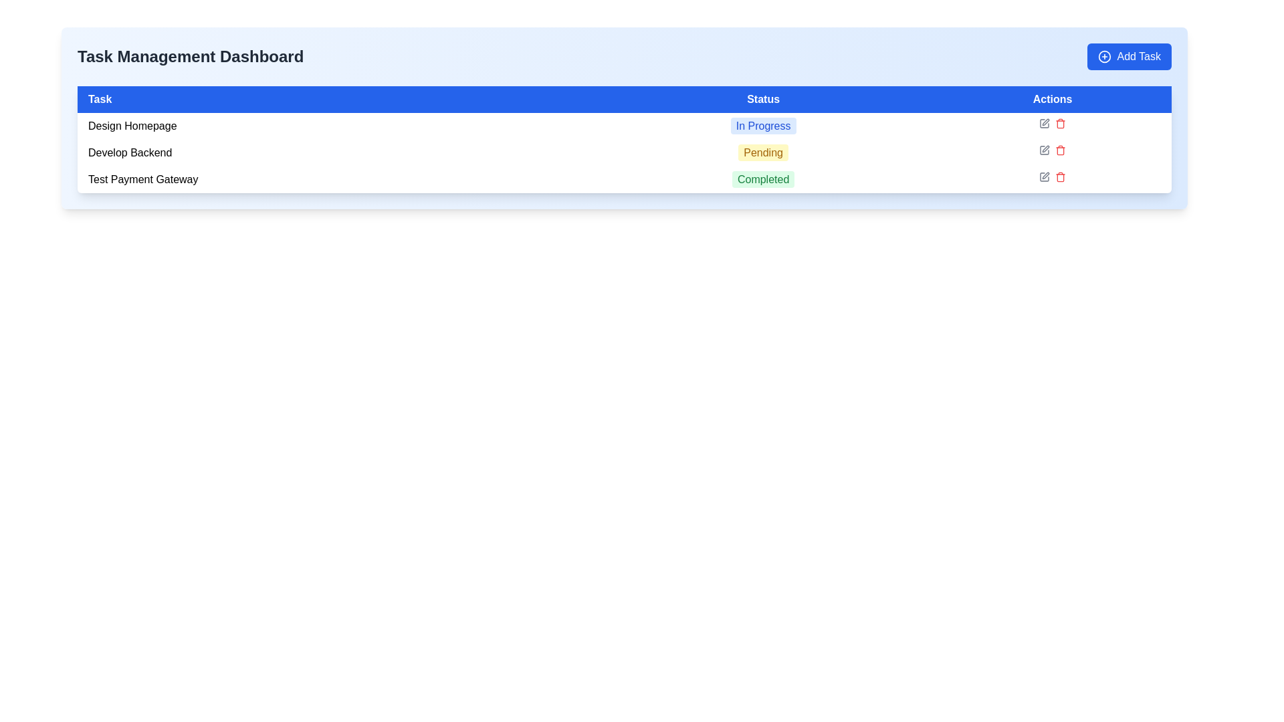 This screenshot has height=722, width=1284. What do you see at coordinates (763, 179) in the screenshot?
I see `the status label indicating completion for the 'Test Payment Gateway' task in the 'Status' column of the table` at bounding box center [763, 179].